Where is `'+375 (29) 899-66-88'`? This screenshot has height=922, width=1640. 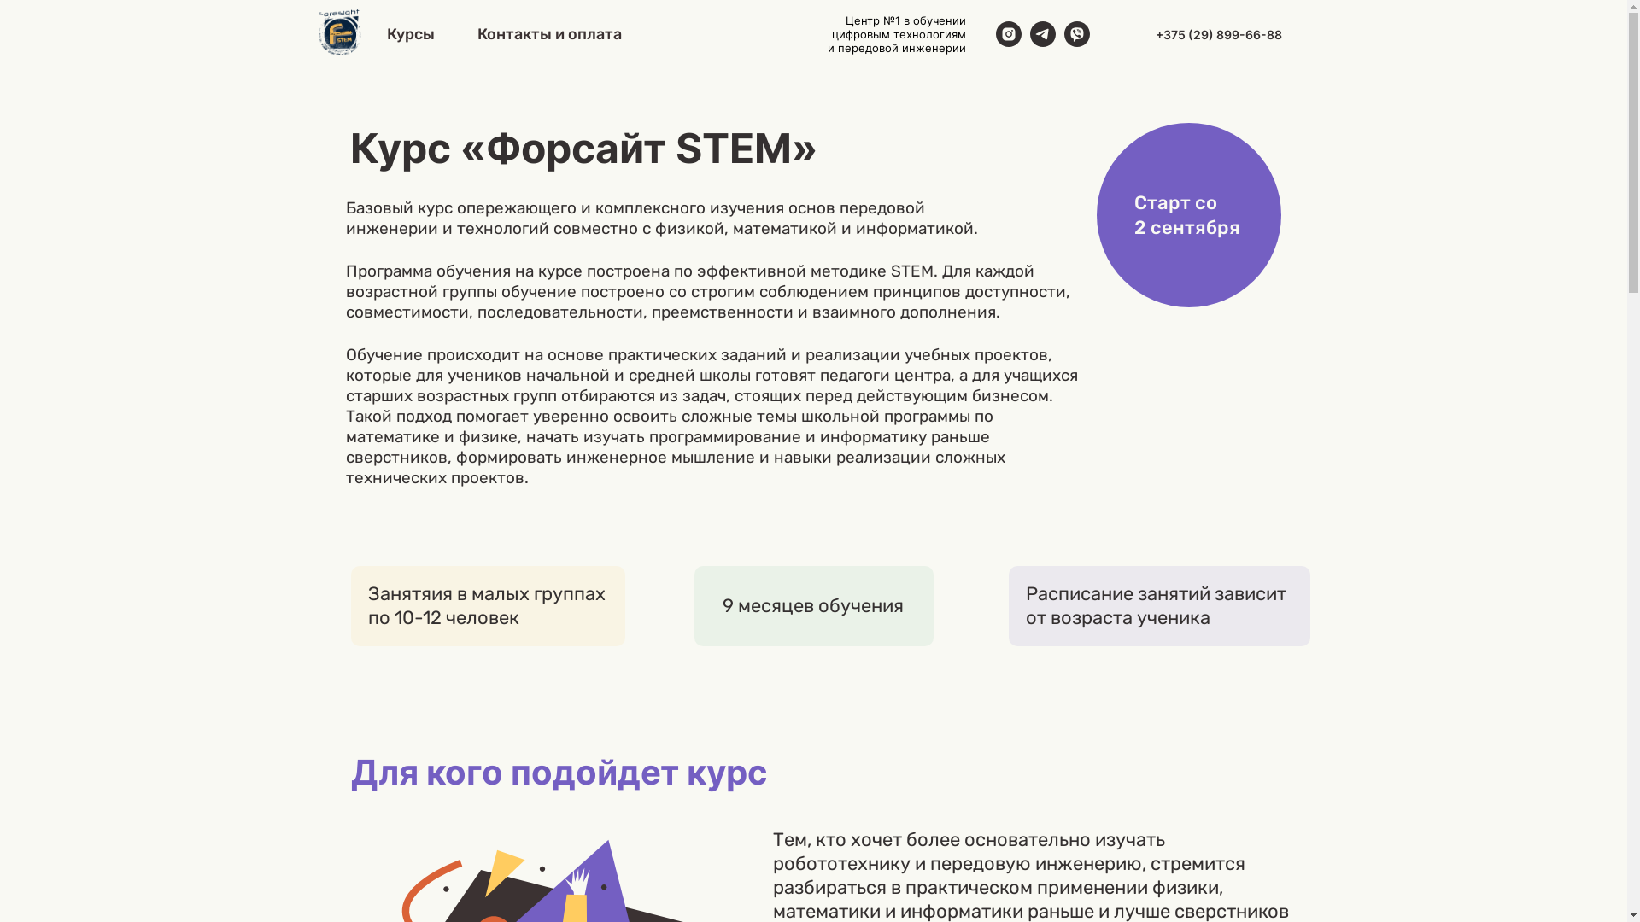
'+375 (29) 899-66-88' is located at coordinates (1216, 33).